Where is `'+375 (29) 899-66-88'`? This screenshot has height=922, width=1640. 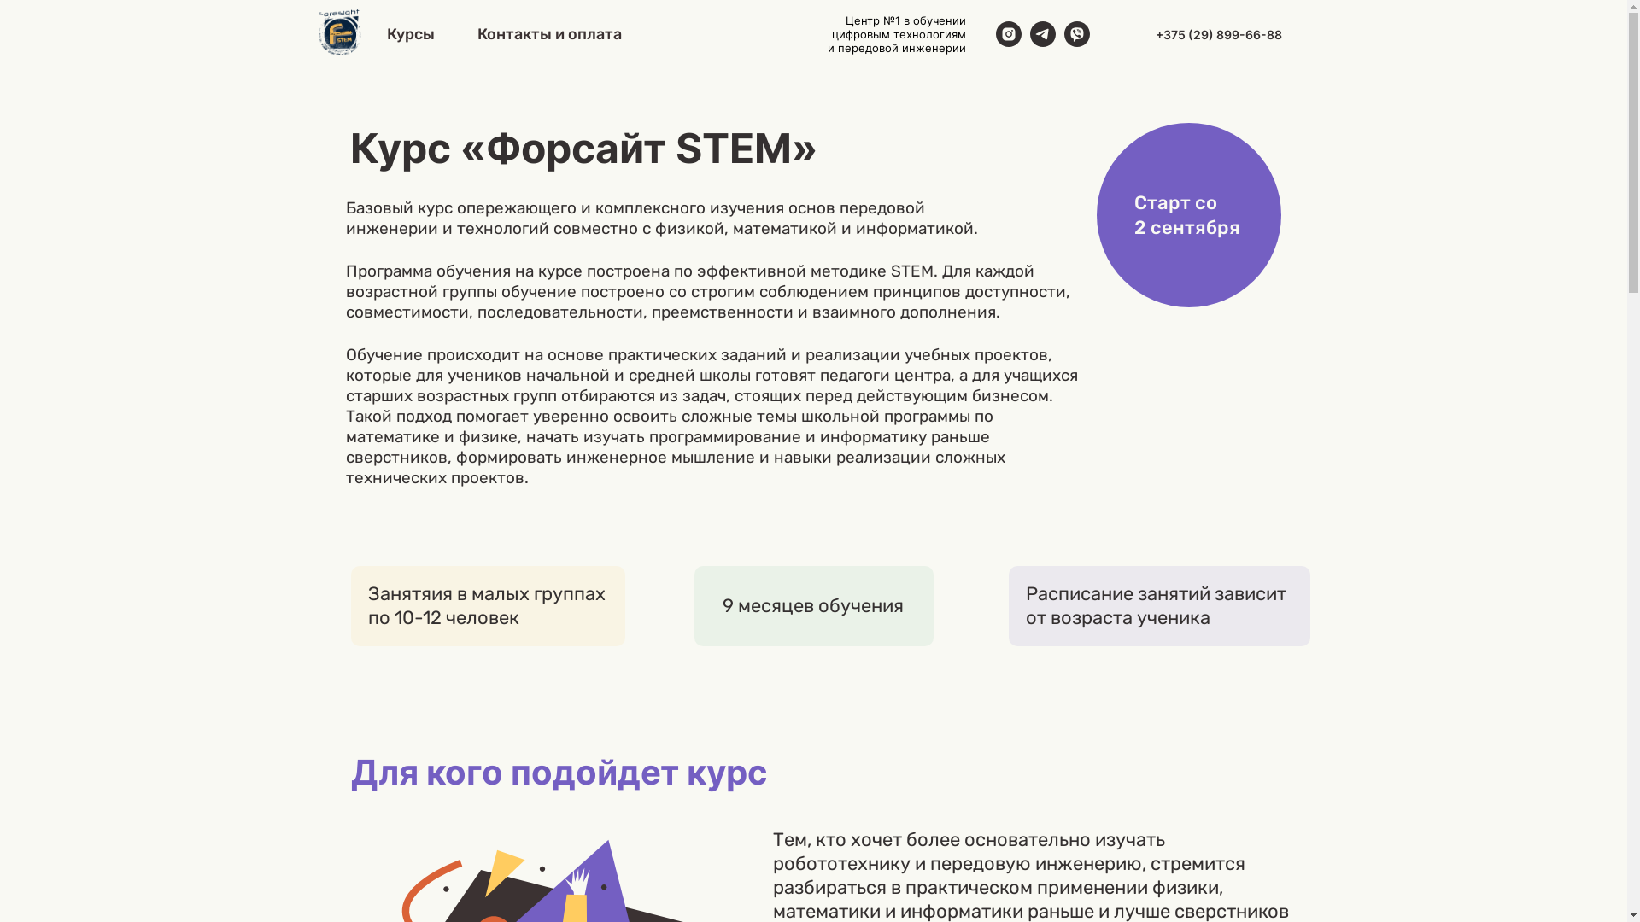
'+375 (29) 899-66-88' is located at coordinates (1216, 33).